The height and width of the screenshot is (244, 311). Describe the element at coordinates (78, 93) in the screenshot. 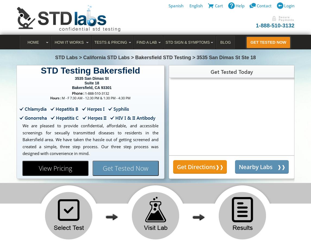

I see `'Phone :'` at that location.